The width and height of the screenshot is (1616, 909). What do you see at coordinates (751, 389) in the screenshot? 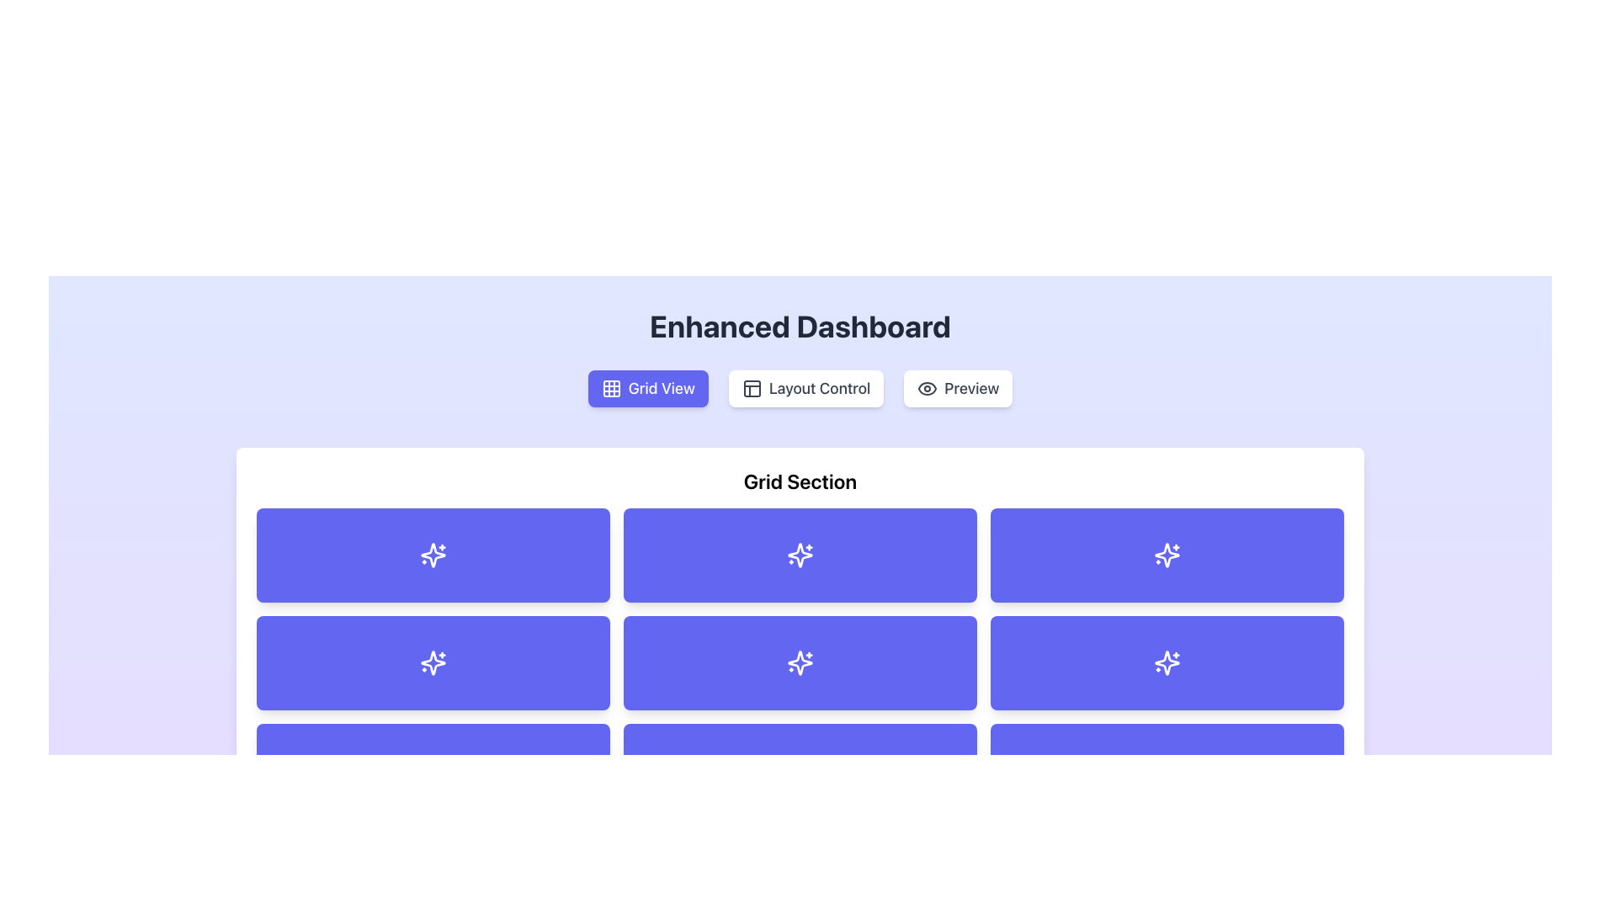
I see `the layout control icon located in the center-left portion of the 'Layout Control' button, which is situated between 'Grid View' and 'Preview'` at bounding box center [751, 389].